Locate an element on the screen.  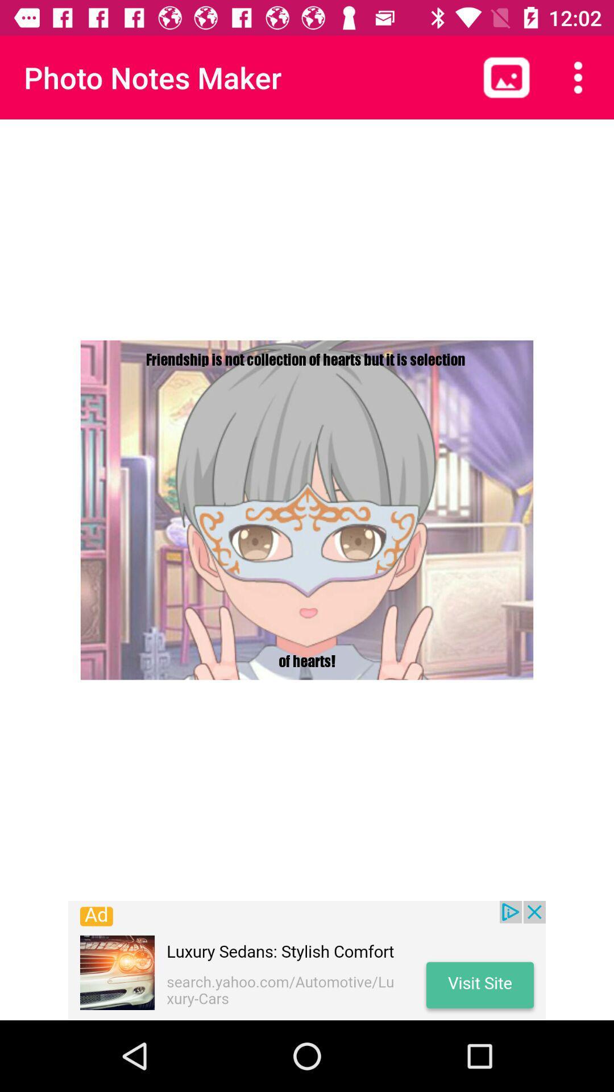
photos is located at coordinates (506, 77).